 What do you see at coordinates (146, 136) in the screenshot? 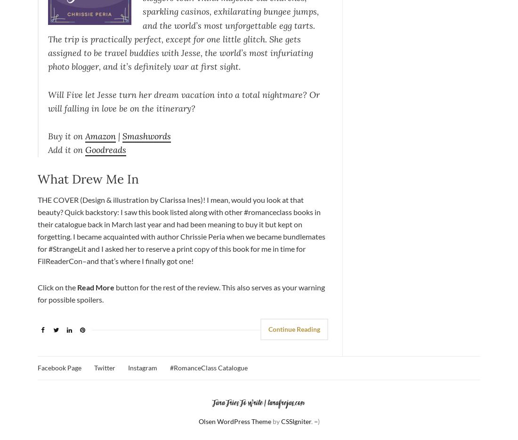
I see `'Smashwords'` at bounding box center [146, 136].